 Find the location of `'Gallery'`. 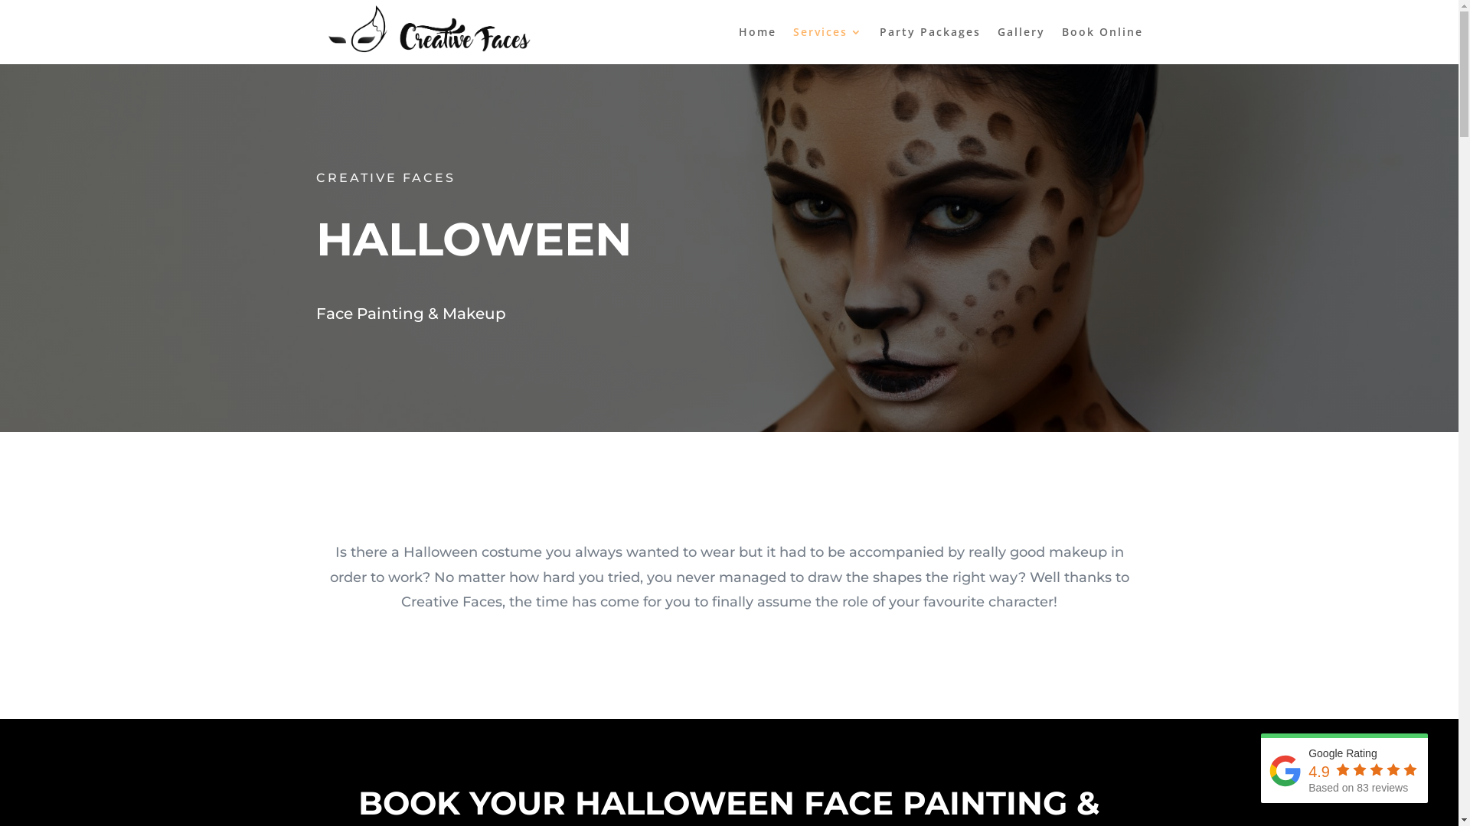

'Gallery' is located at coordinates (1021, 44).